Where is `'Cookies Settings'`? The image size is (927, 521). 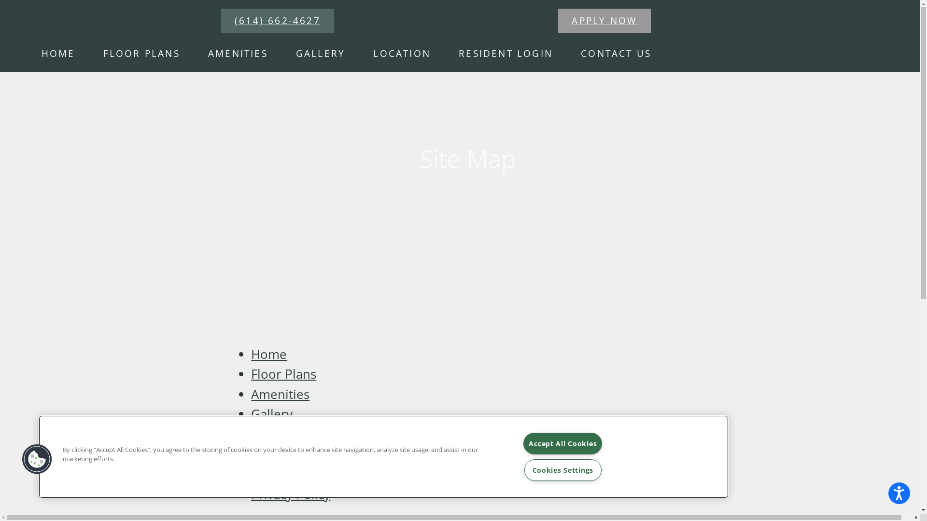
'Cookies Settings' is located at coordinates (563, 469).